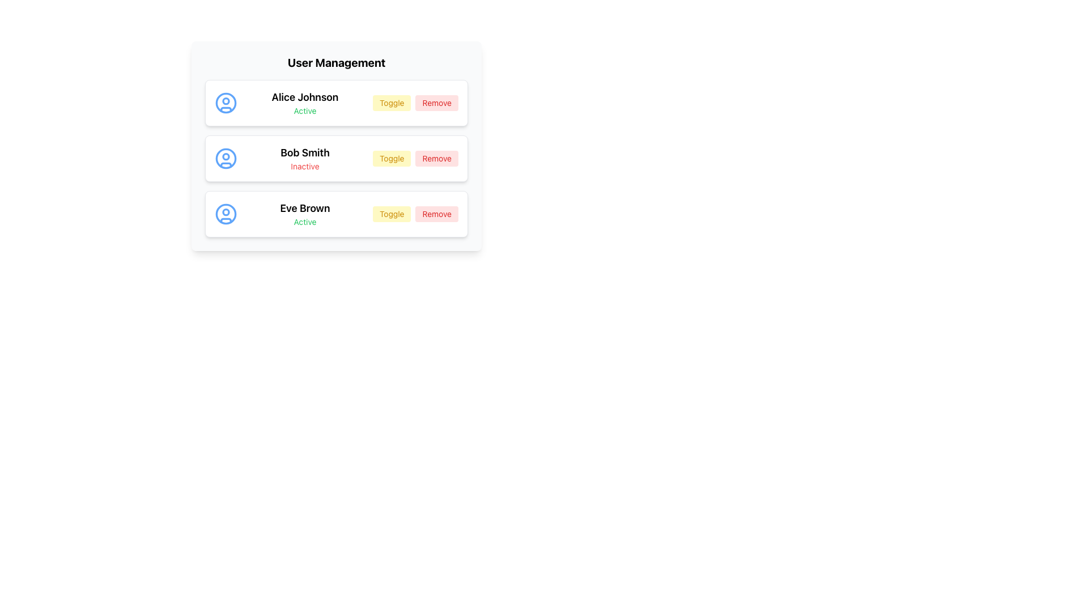 The image size is (1088, 612). Describe the element at coordinates (226, 103) in the screenshot. I see `the SVG circle graphic that visually represents a part of Alice Johnson's user profile picture in the user management card list` at that location.